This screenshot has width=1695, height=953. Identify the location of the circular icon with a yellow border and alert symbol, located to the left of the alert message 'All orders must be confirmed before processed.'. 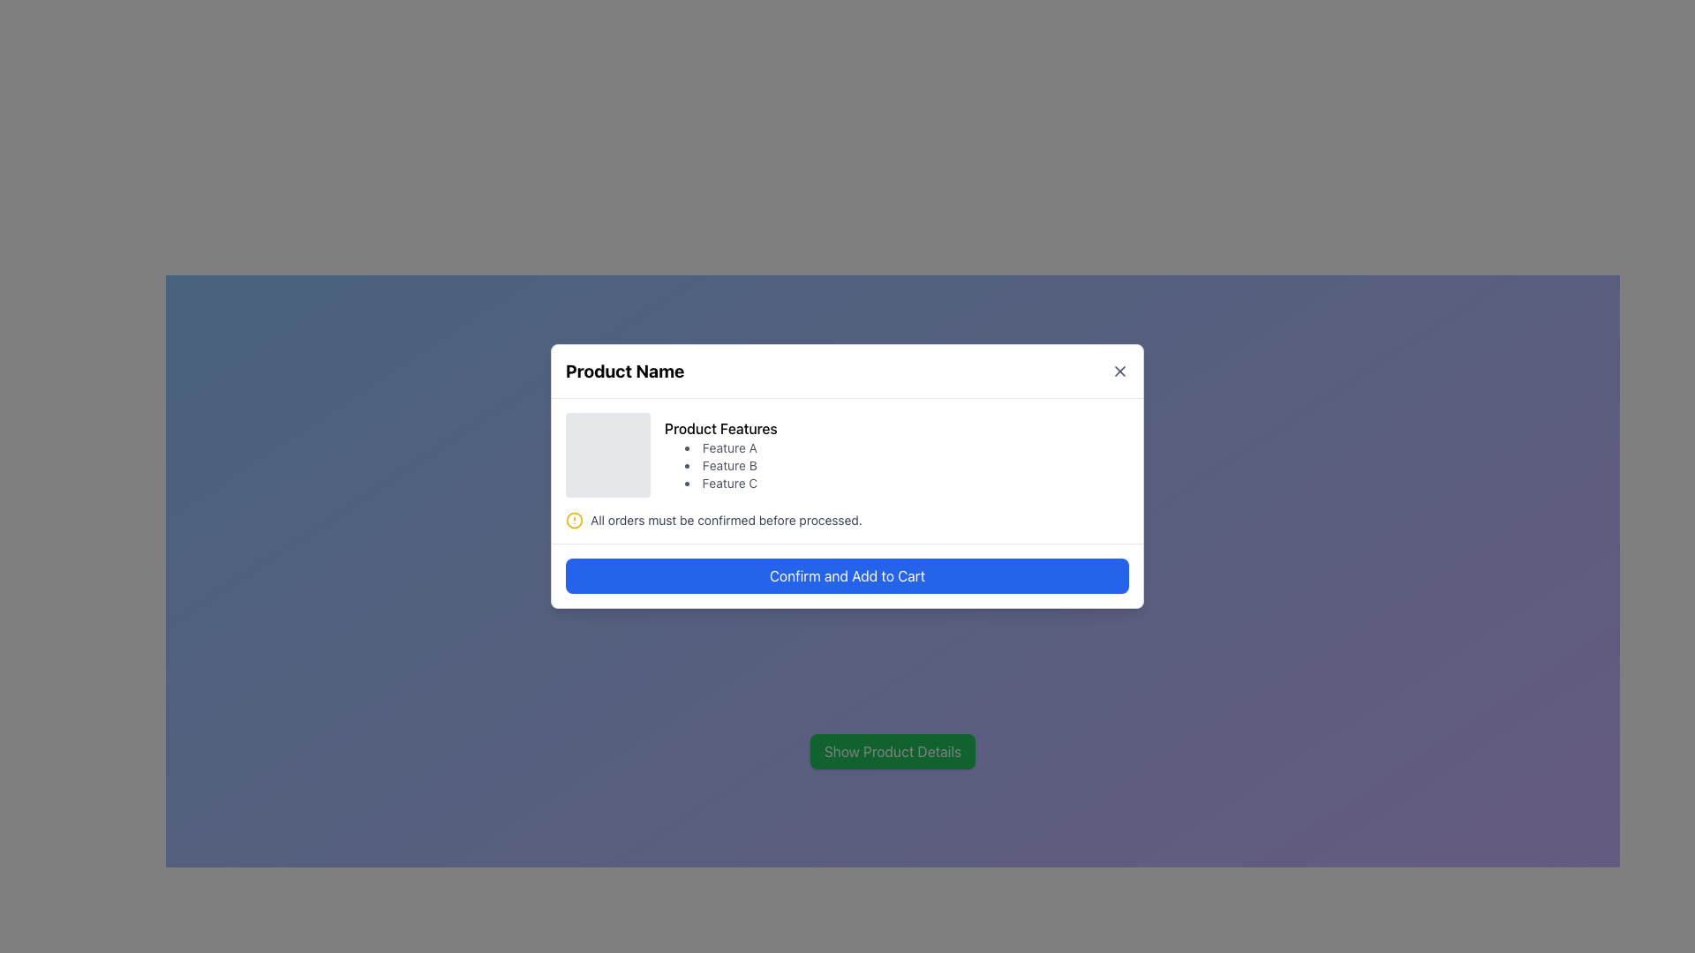
(575, 520).